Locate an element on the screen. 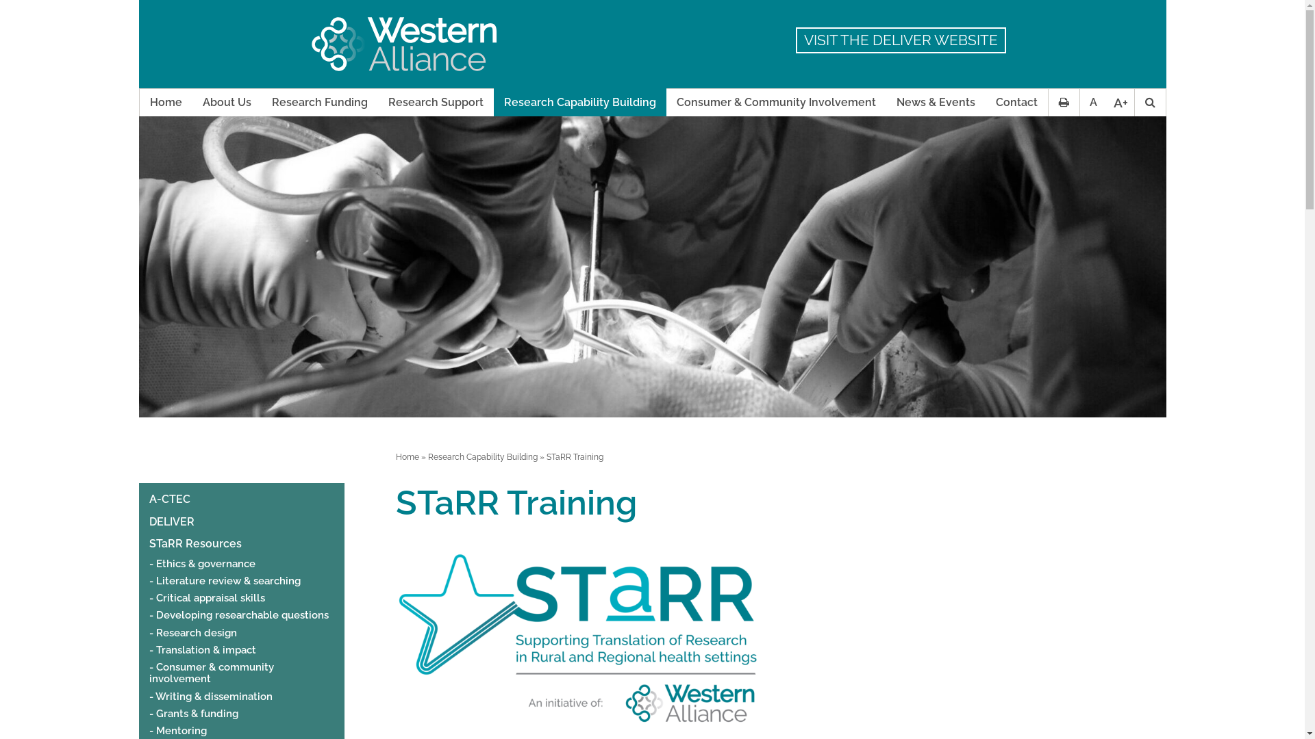 This screenshot has width=1315, height=739. 'DELIVER' is located at coordinates (171, 522).